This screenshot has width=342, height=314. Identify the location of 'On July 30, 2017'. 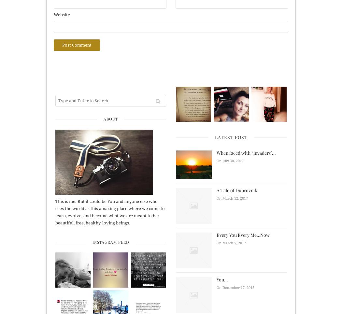
(230, 161).